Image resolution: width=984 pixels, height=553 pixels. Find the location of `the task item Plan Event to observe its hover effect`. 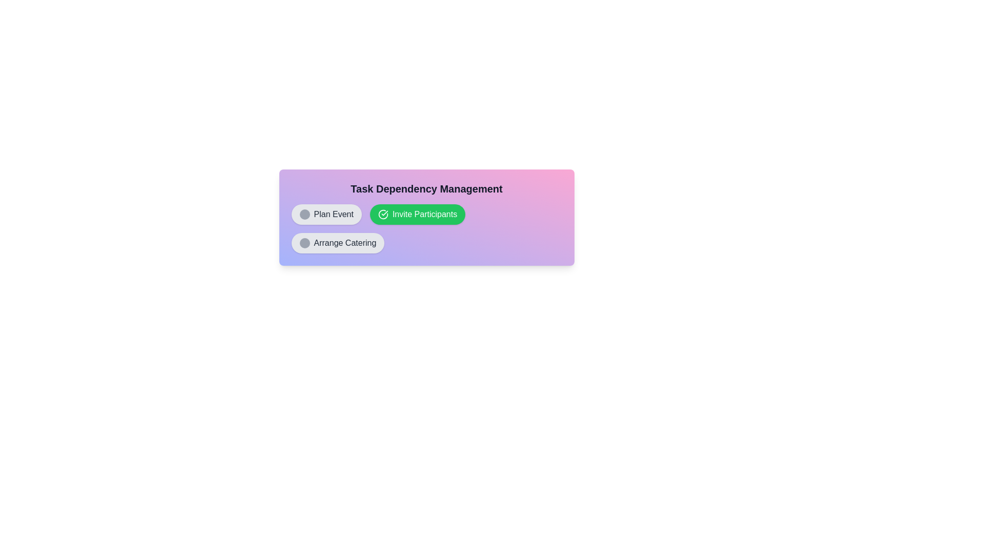

the task item Plan Event to observe its hover effect is located at coordinates (326, 214).